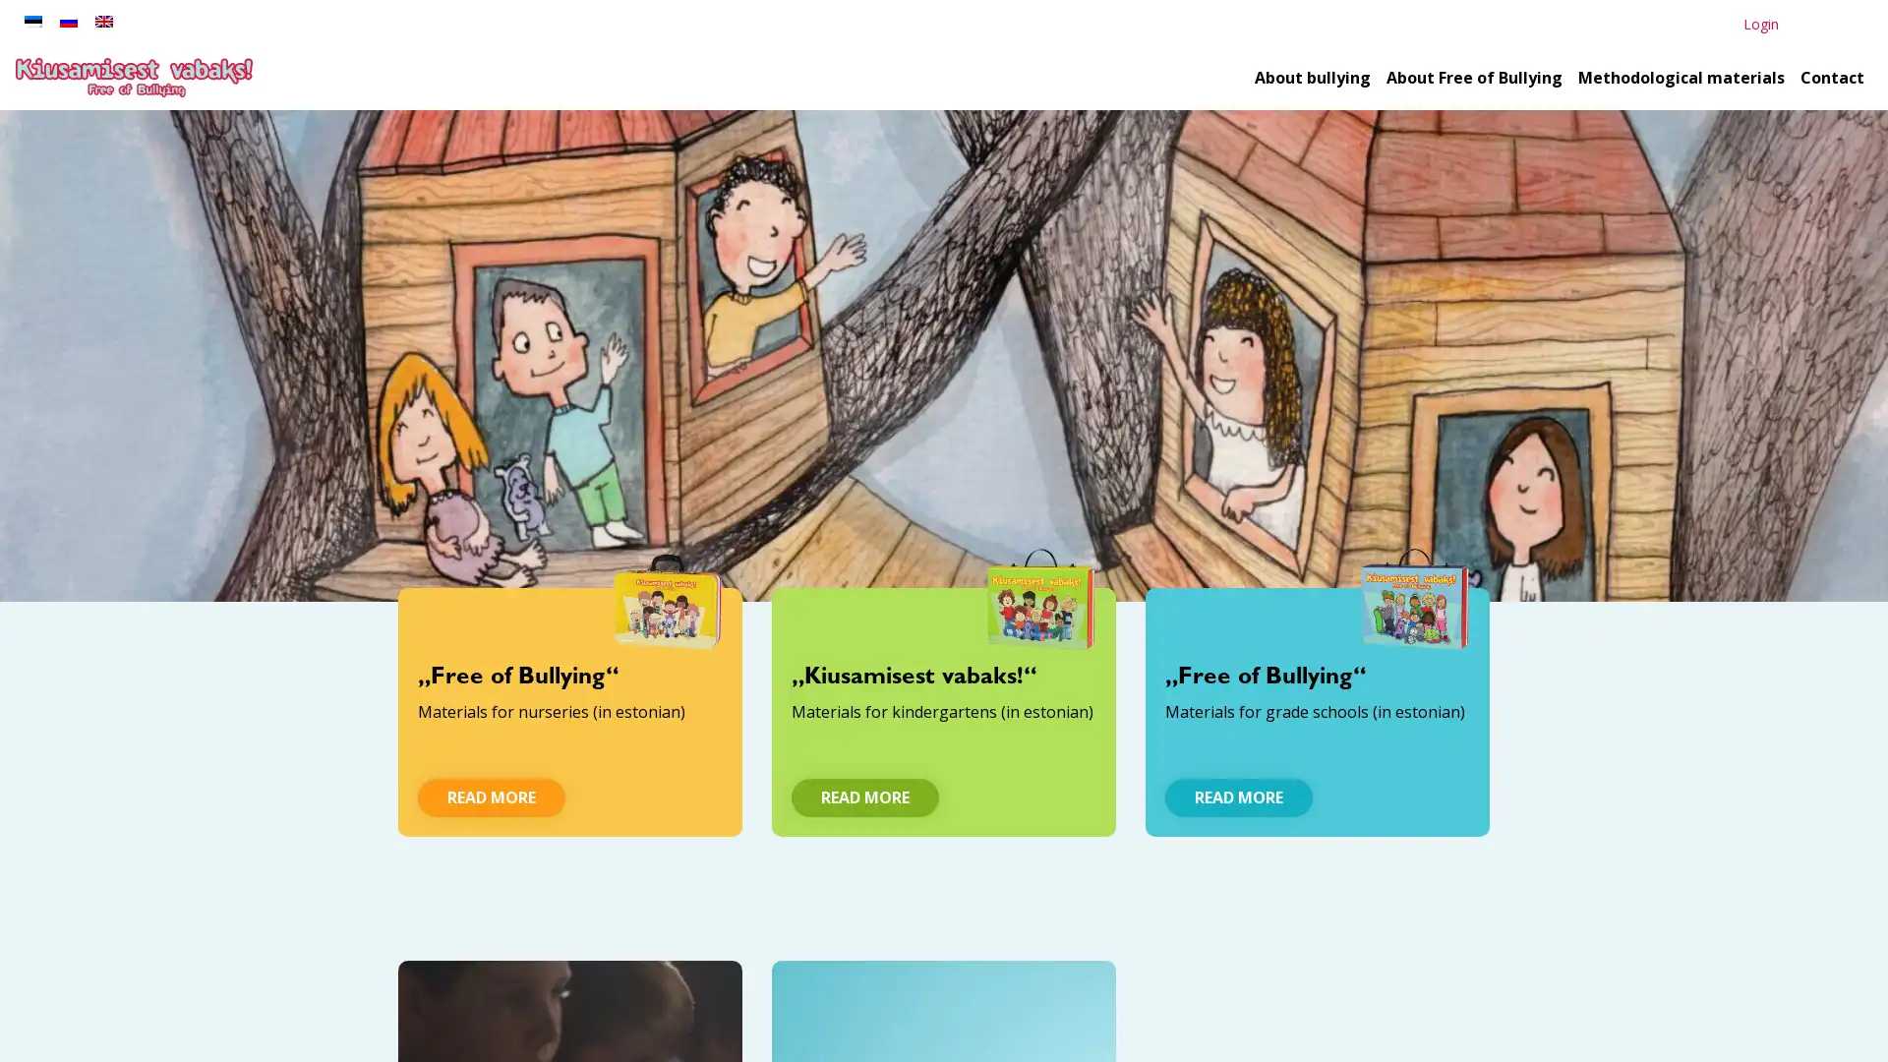  Describe the element at coordinates (1760, 24) in the screenshot. I see `Login` at that location.